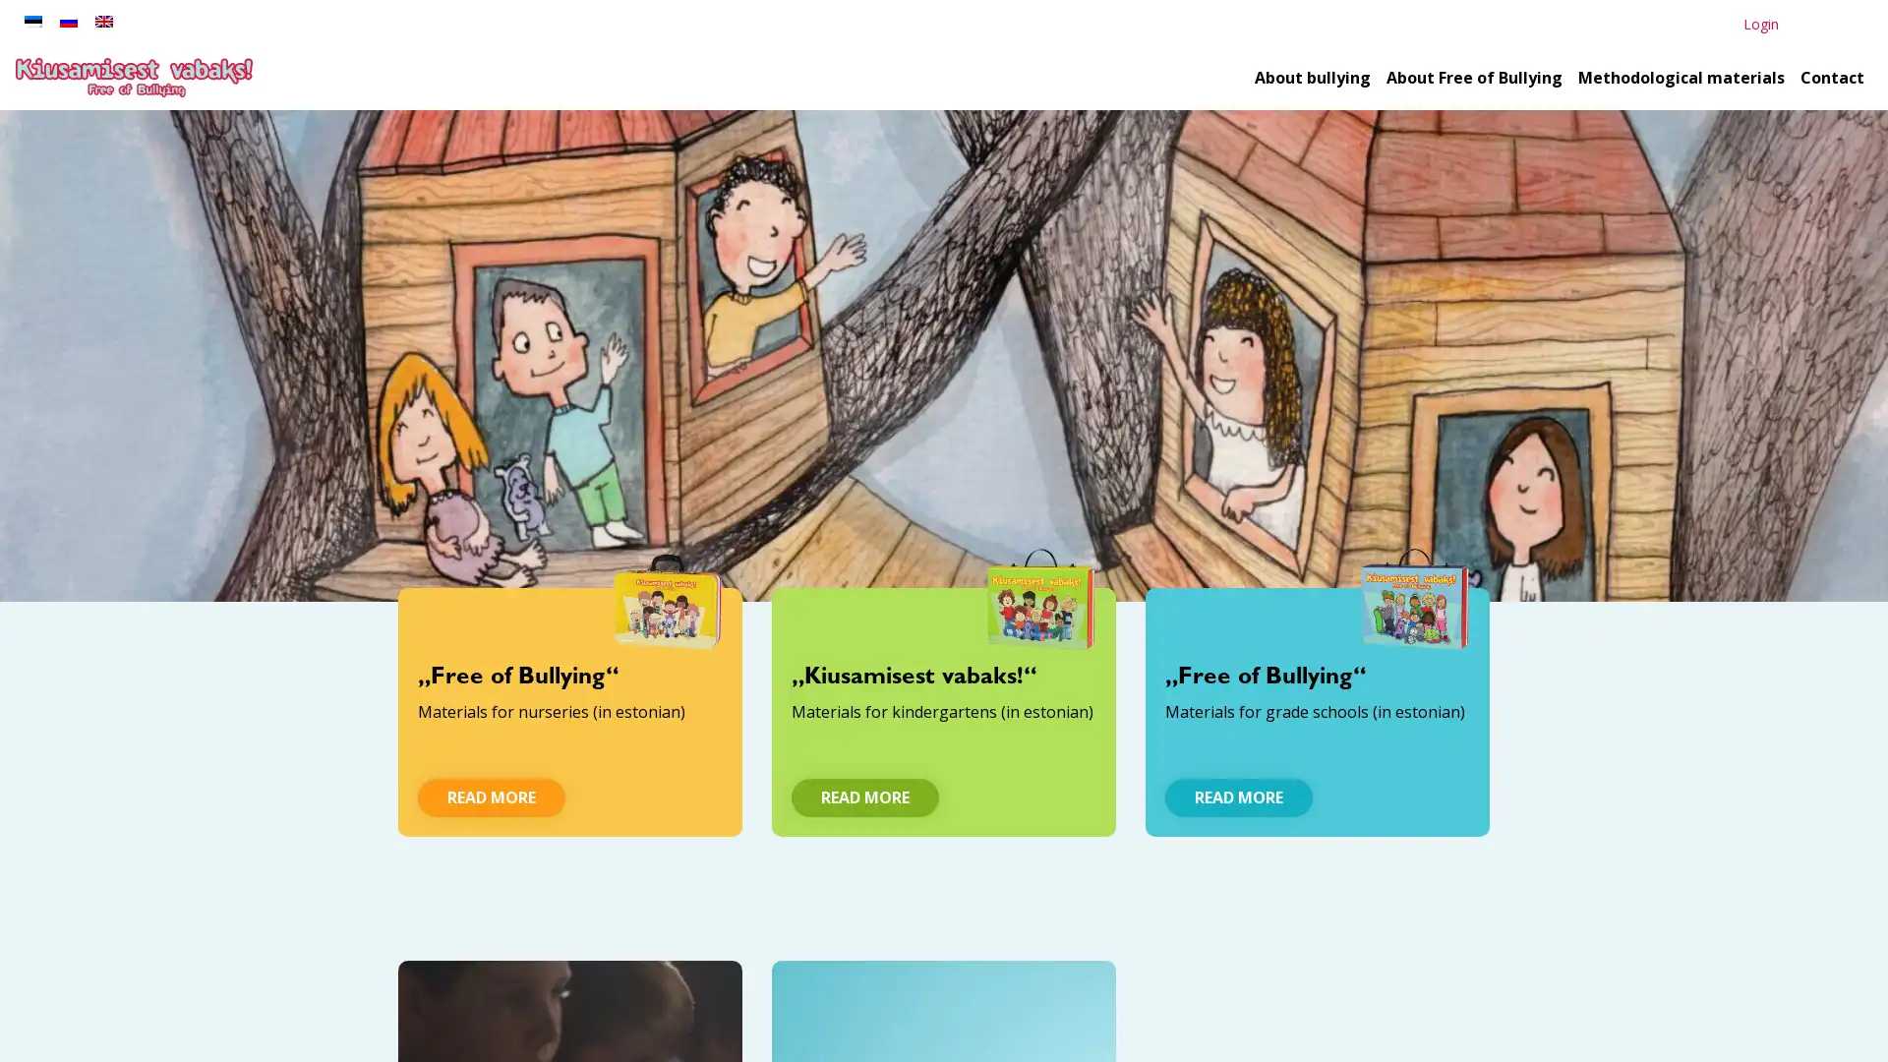  Describe the element at coordinates (1760, 24) in the screenshot. I see `Login` at that location.